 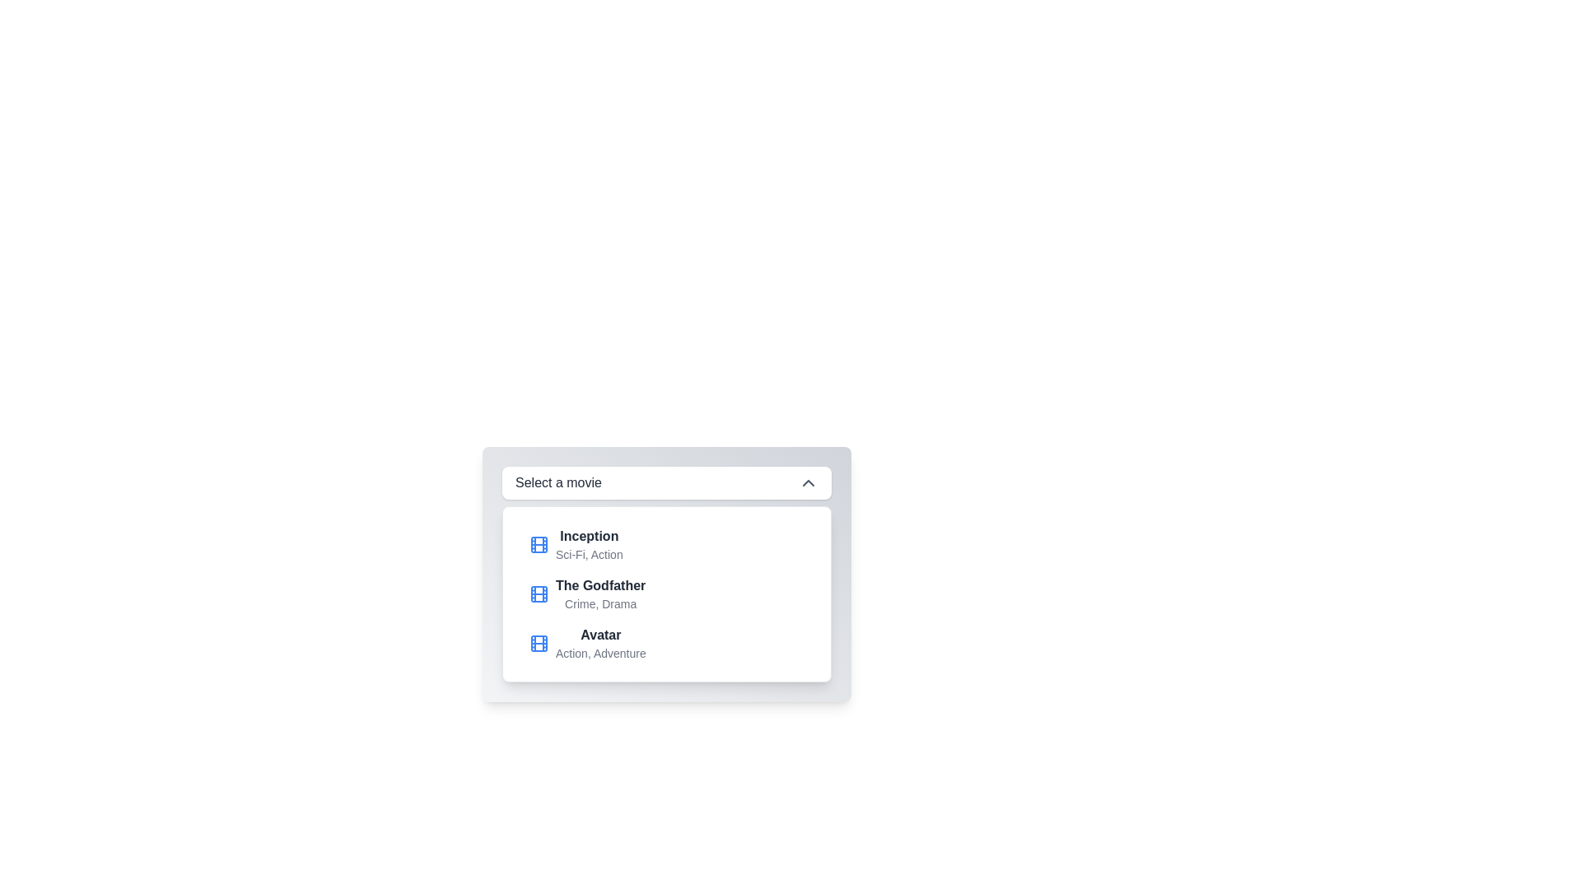 What do you see at coordinates (667, 593) in the screenshot?
I see `the second movie entry` at bounding box center [667, 593].